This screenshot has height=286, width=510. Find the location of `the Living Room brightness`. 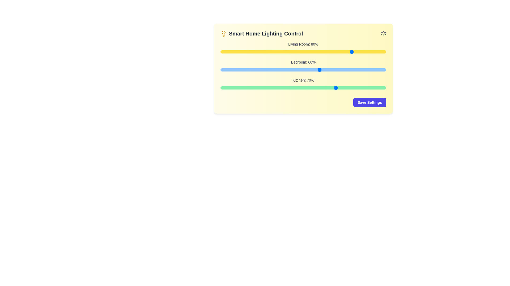

the Living Room brightness is located at coordinates (356, 52).